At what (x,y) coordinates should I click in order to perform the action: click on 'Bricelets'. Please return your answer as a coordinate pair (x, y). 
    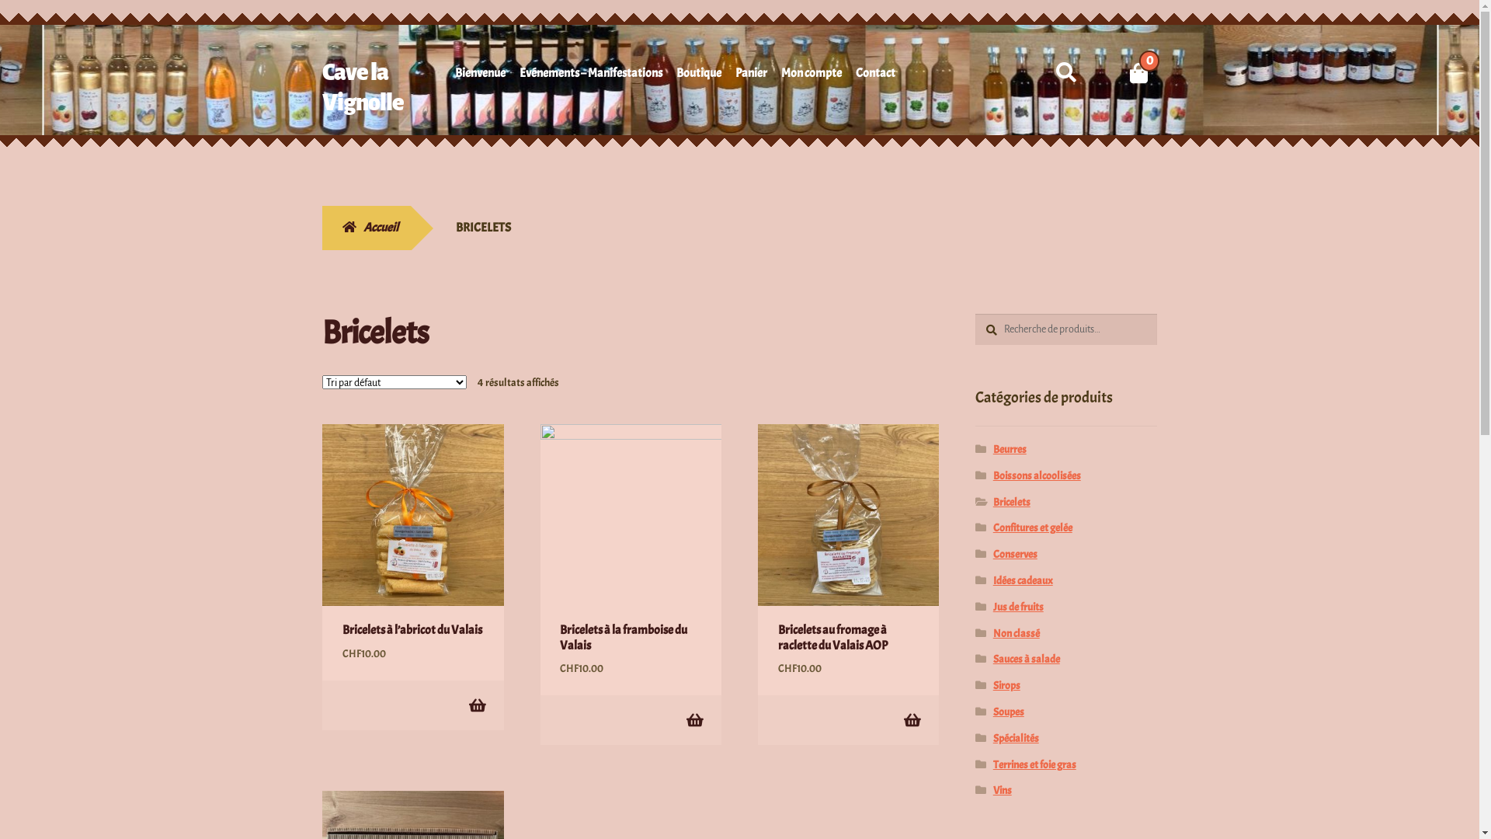
    Looking at the image, I should click on (992, 502).